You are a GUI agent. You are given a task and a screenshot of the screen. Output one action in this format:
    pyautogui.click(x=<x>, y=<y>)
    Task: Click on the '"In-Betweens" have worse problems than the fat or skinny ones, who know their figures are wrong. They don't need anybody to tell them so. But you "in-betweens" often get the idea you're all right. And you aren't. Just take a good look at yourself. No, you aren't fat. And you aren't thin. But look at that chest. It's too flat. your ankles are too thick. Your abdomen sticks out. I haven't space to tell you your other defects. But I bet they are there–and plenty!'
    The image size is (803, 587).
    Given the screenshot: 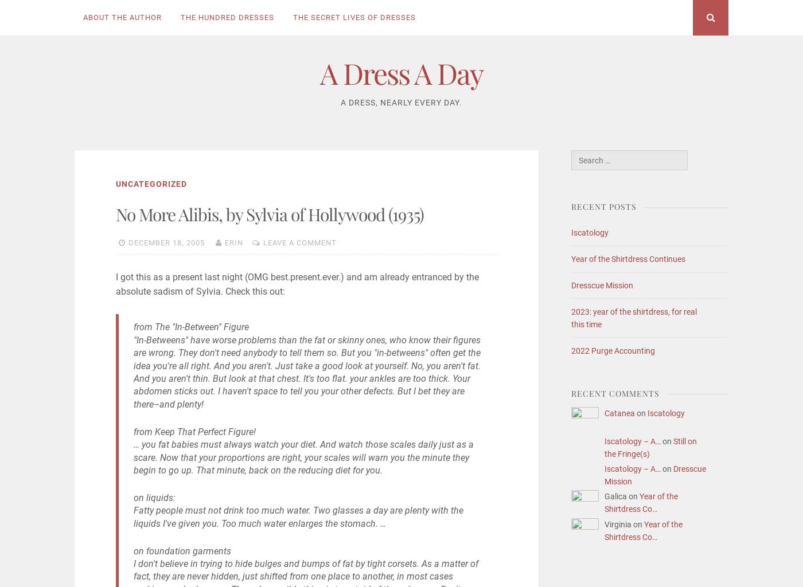 What is the action you would take?
    pyautogui.click(x=306, y=371)
    